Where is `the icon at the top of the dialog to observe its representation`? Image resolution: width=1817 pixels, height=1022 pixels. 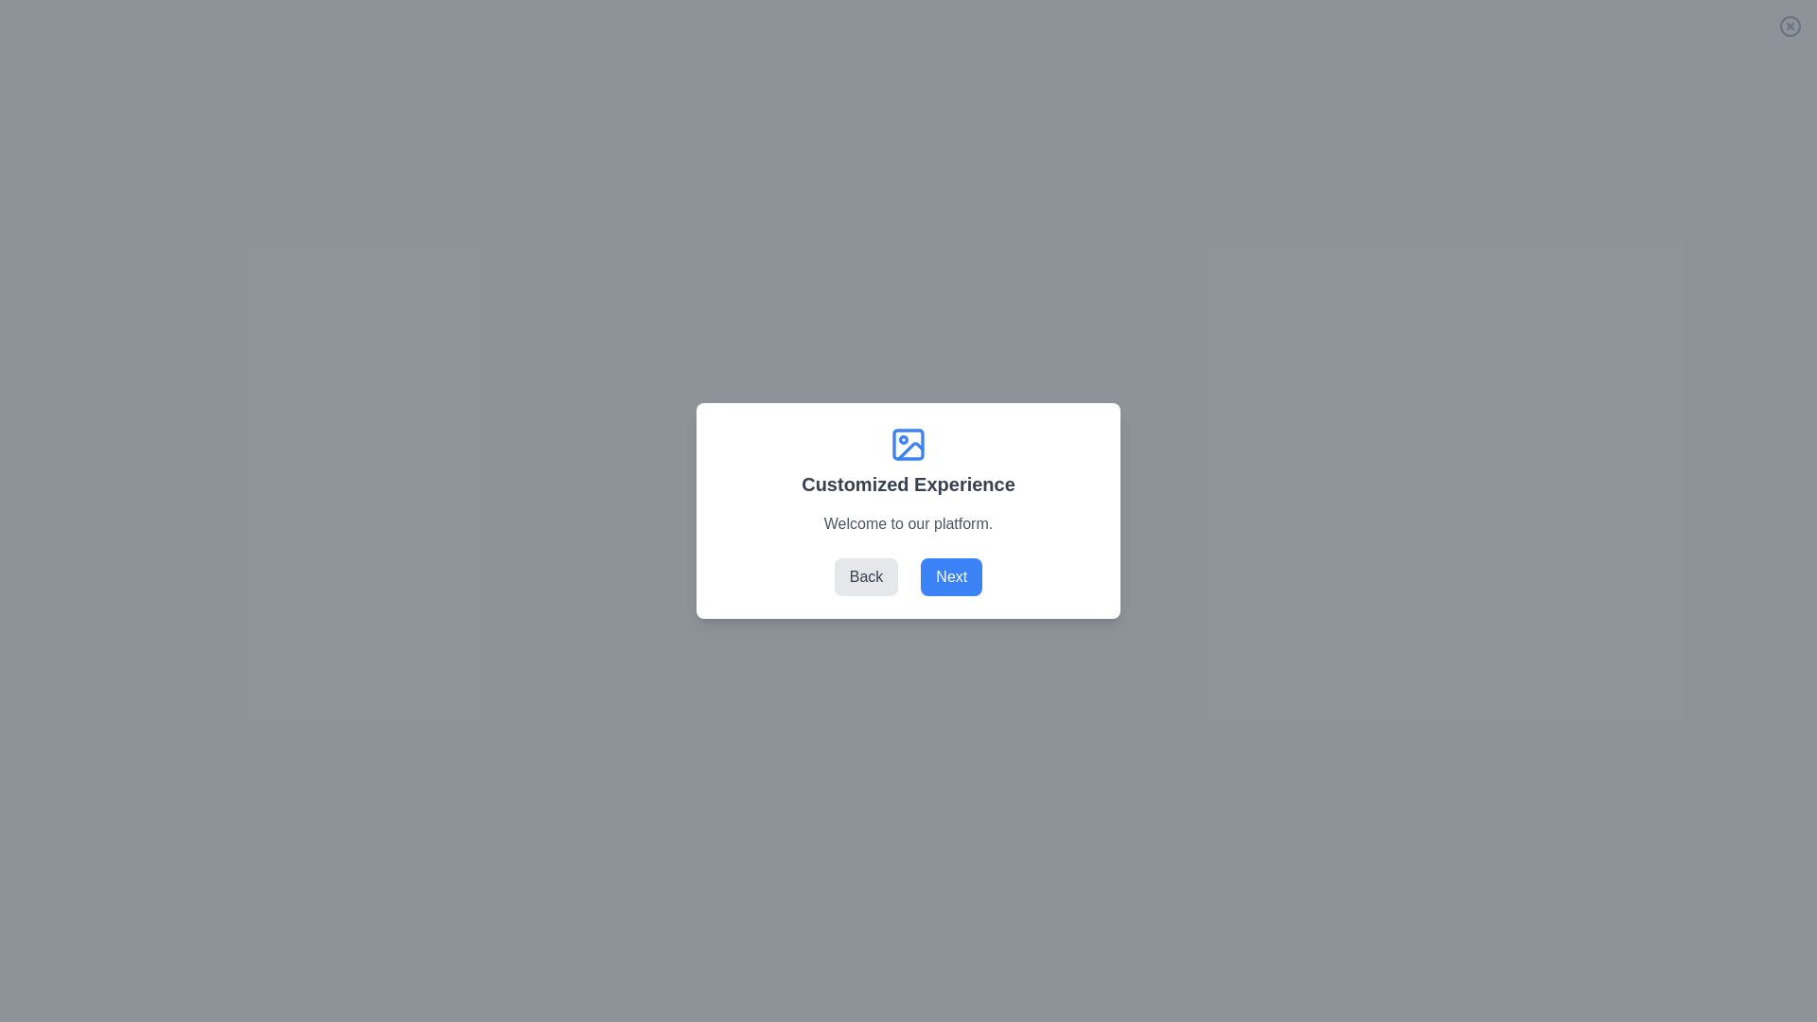
the icon at the top of the dialog to observe its representation is located at coordinates (908, 445).